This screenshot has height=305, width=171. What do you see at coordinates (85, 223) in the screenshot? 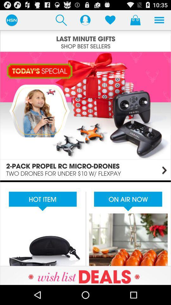
I see `advertisement` at bounding box center [85, 223].